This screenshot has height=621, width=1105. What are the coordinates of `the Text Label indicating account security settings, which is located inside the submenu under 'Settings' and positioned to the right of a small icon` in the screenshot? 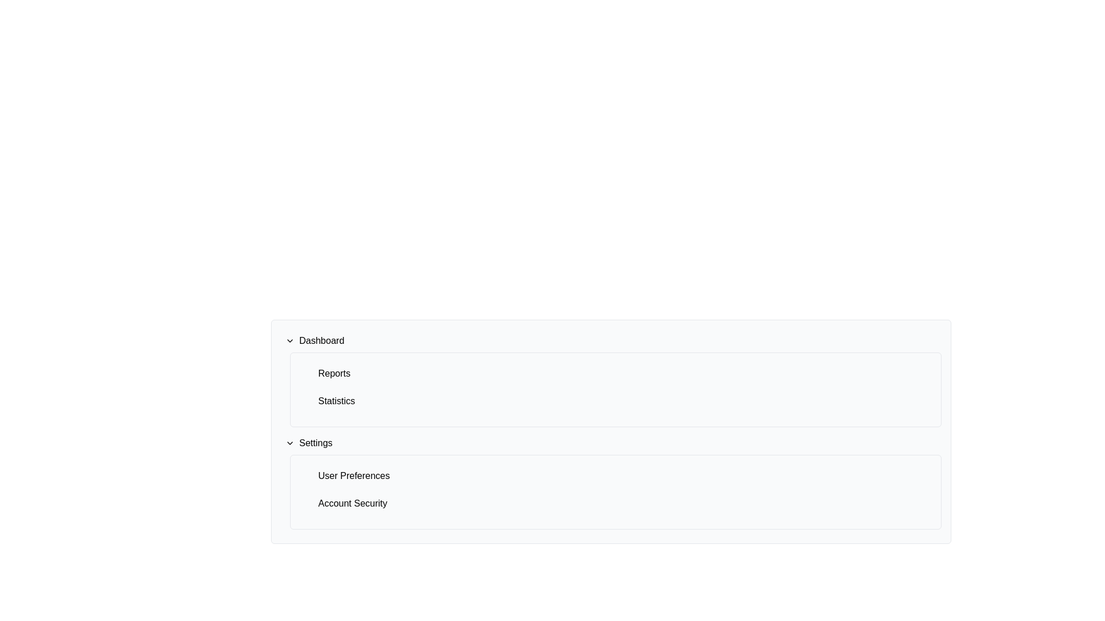 It's located at (352, 503).